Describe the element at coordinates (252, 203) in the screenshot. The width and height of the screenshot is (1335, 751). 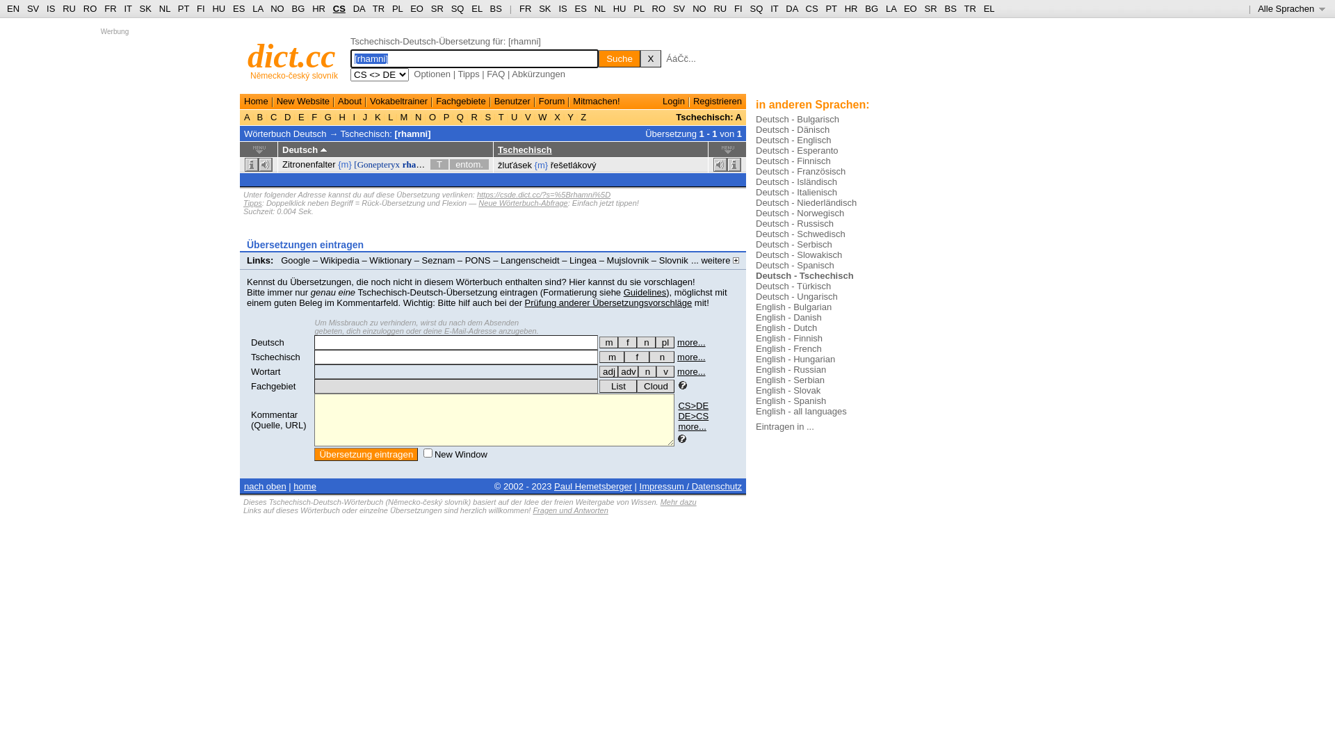
I see `'Tipps'` at that location.